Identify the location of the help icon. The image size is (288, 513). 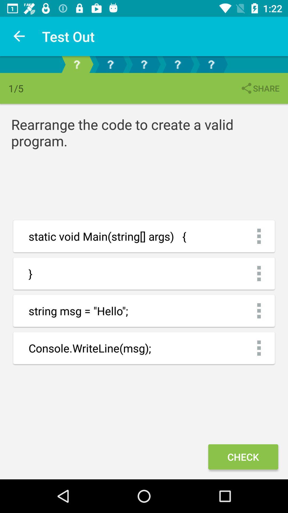
(110, 64).